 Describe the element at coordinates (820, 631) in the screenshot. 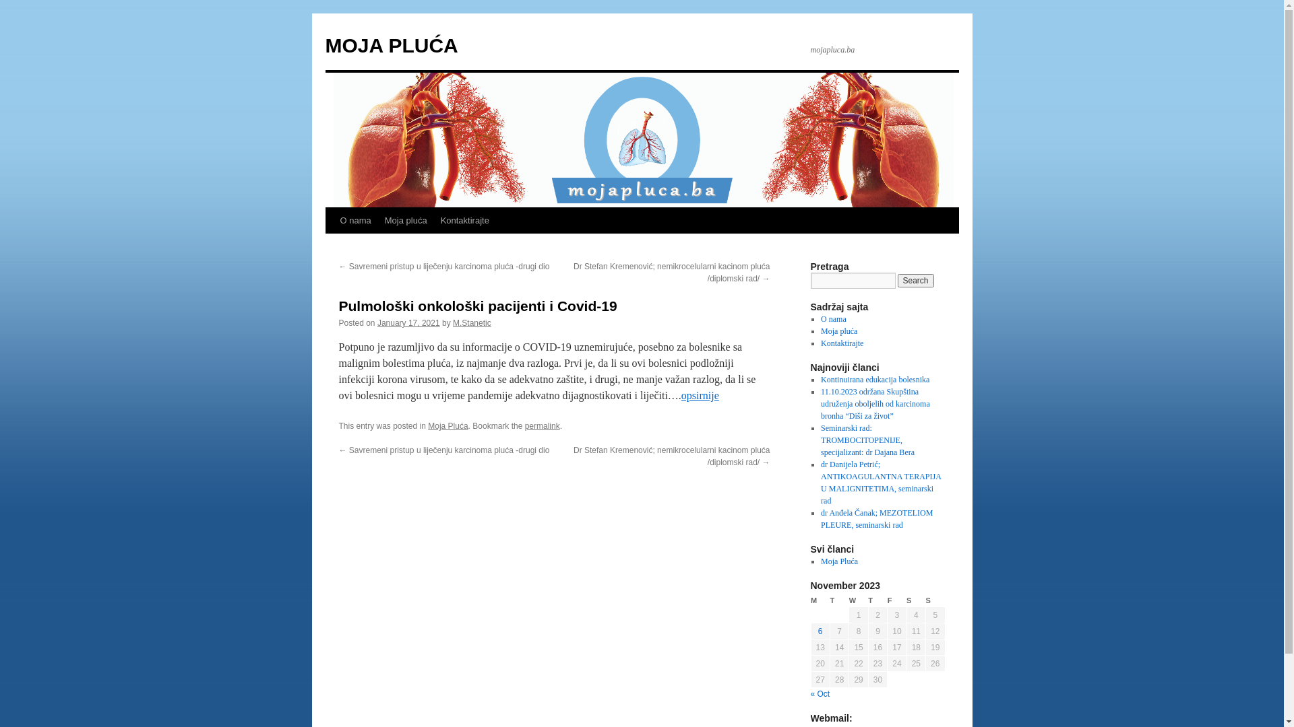

I see `'6'` at that location.